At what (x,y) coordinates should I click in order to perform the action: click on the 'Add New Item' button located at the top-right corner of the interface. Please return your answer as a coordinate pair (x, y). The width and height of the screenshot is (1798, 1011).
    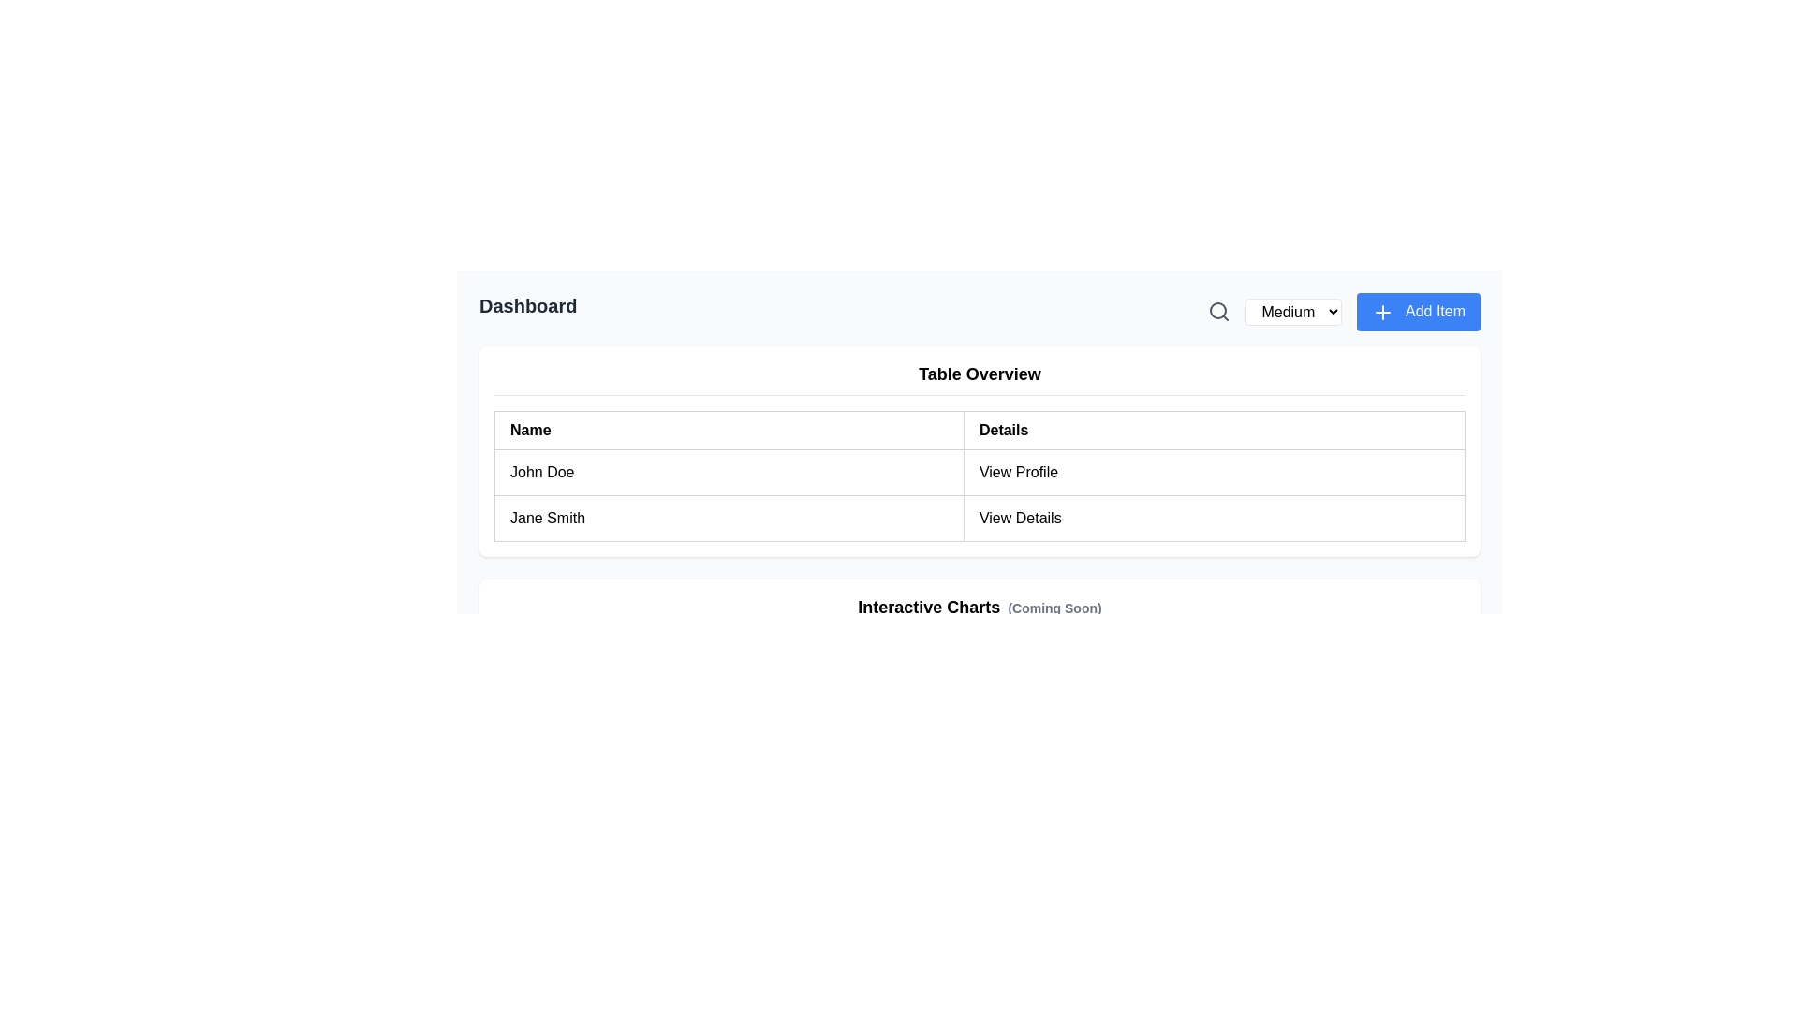
    Looking at the image, I should click on (1419, 311).